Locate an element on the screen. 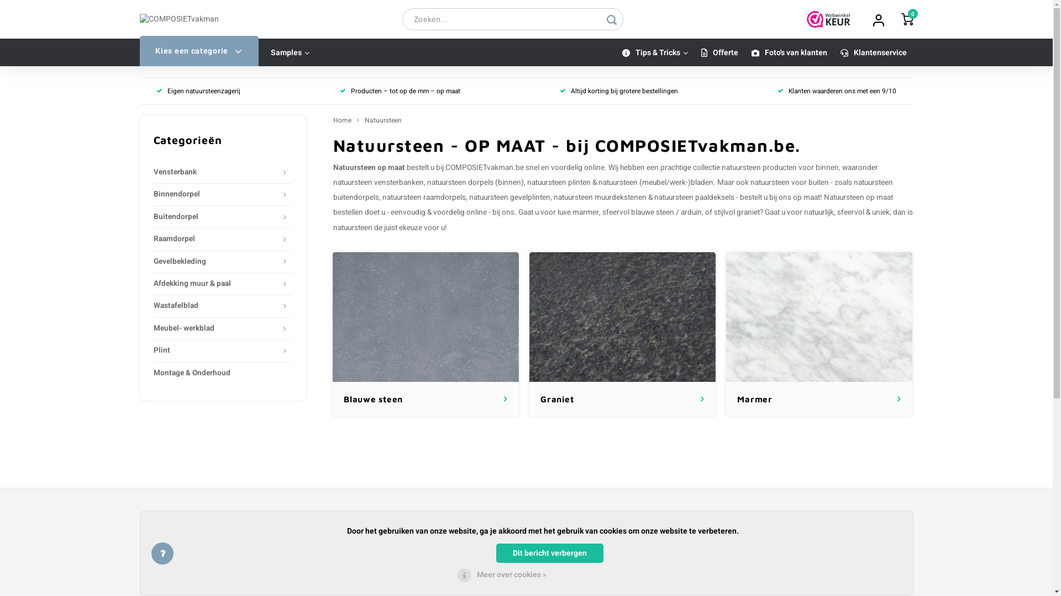  'Vensterbank' is located at coordinates (153, 172).